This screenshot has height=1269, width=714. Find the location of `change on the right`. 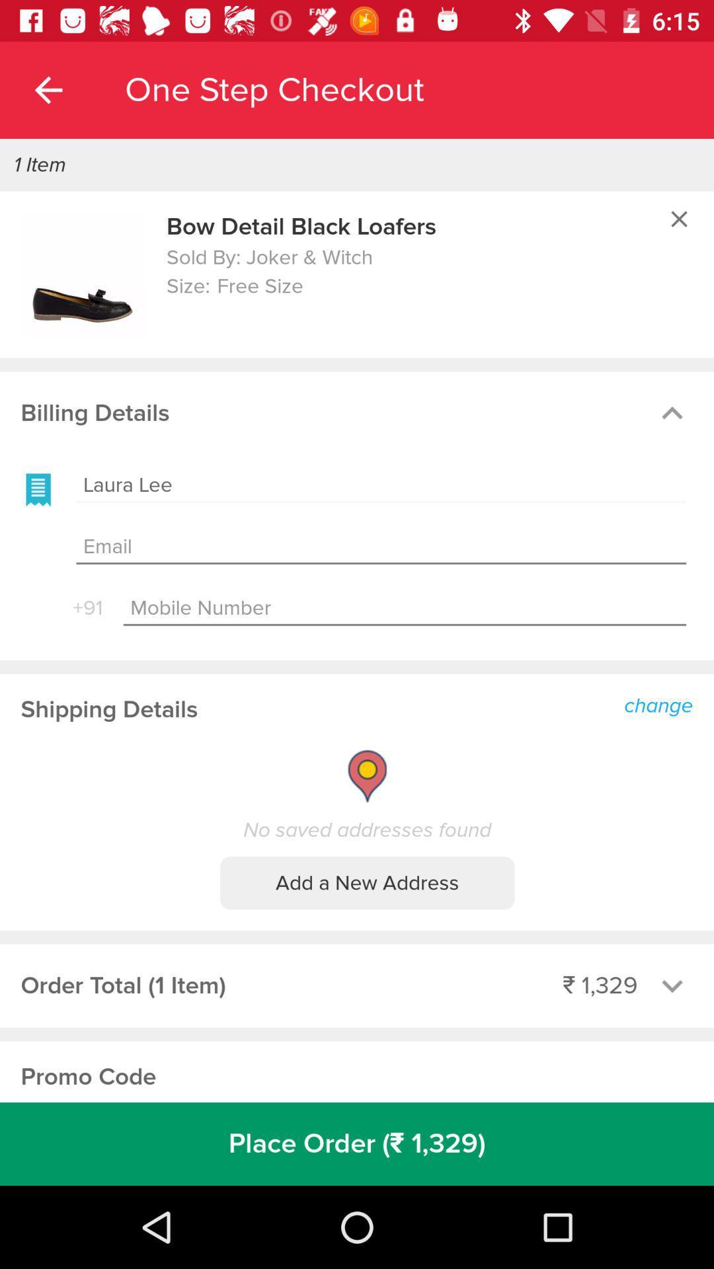

change on the right is located at coordinates (662, 703).